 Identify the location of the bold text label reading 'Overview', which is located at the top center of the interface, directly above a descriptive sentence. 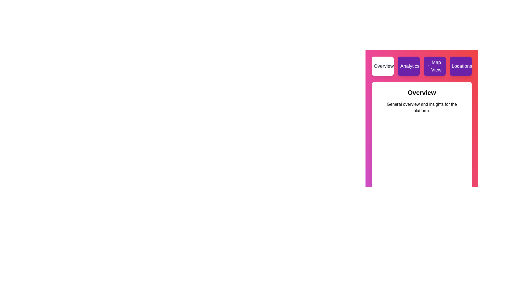
(422, 92).